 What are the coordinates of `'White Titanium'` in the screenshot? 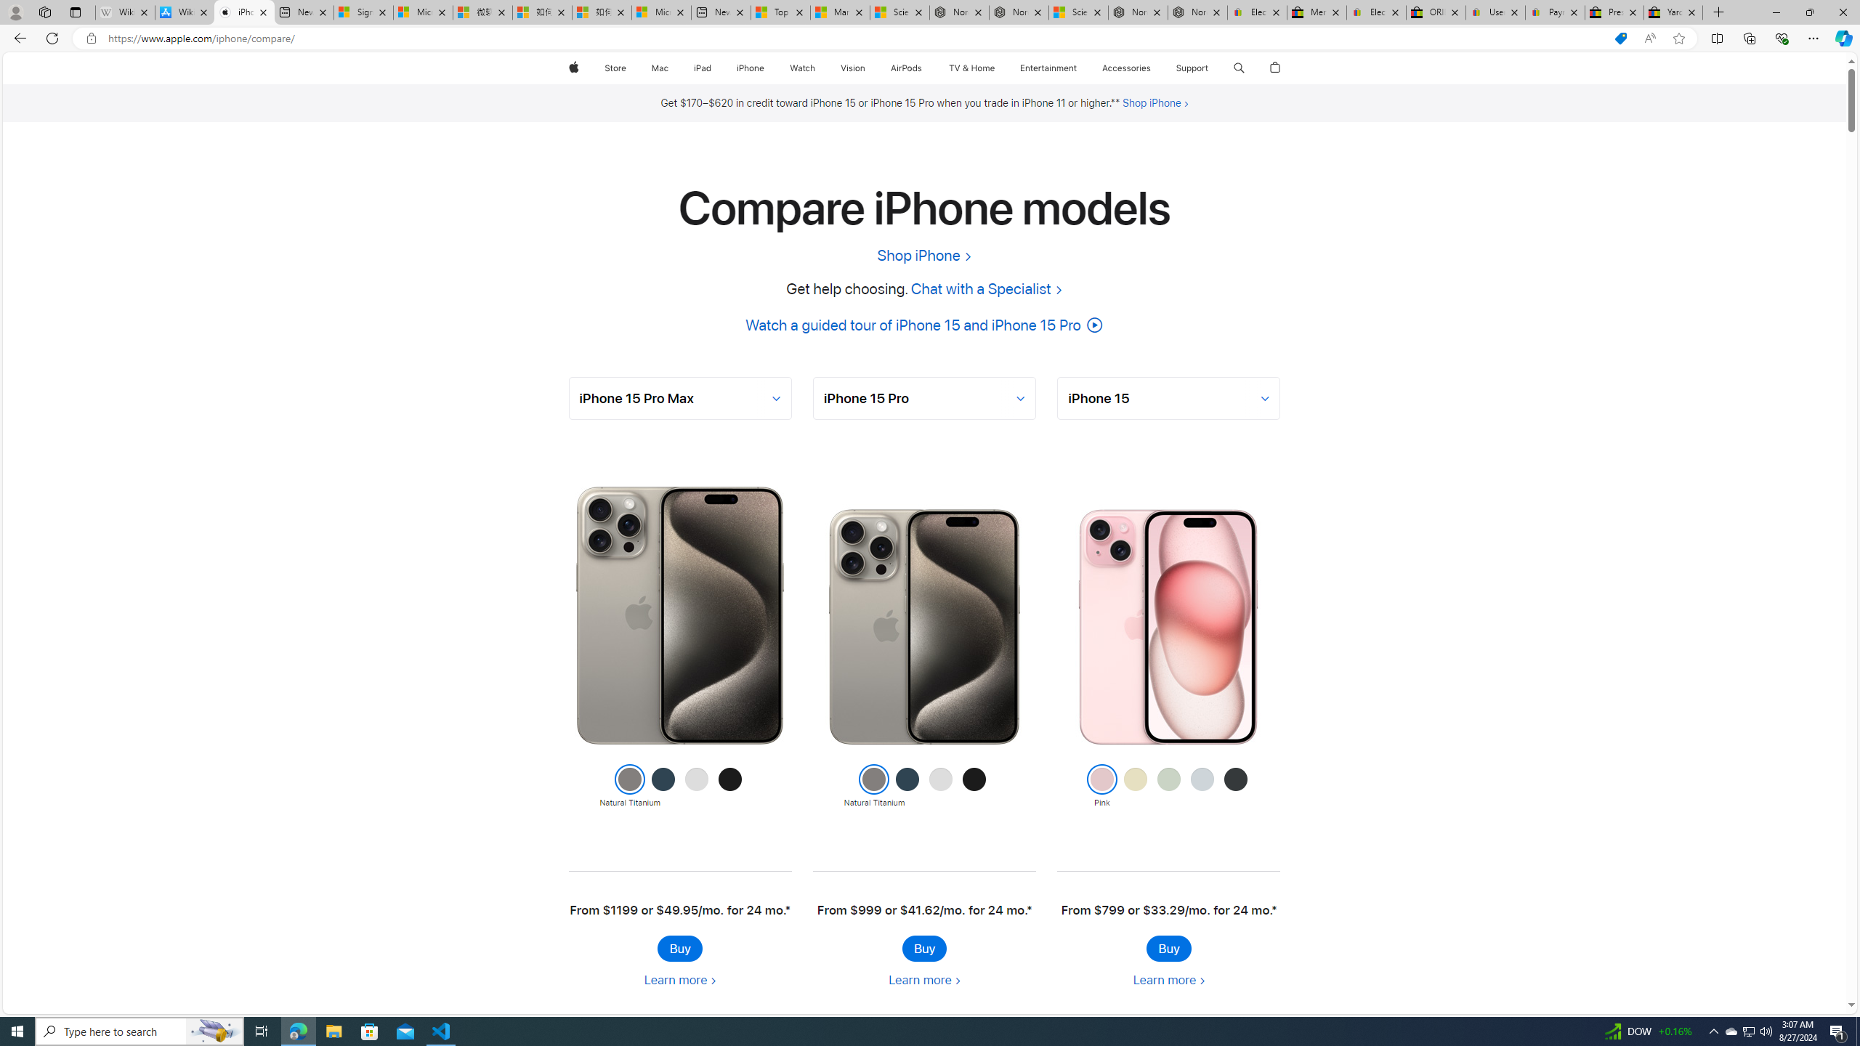 It's located at (941, 787).